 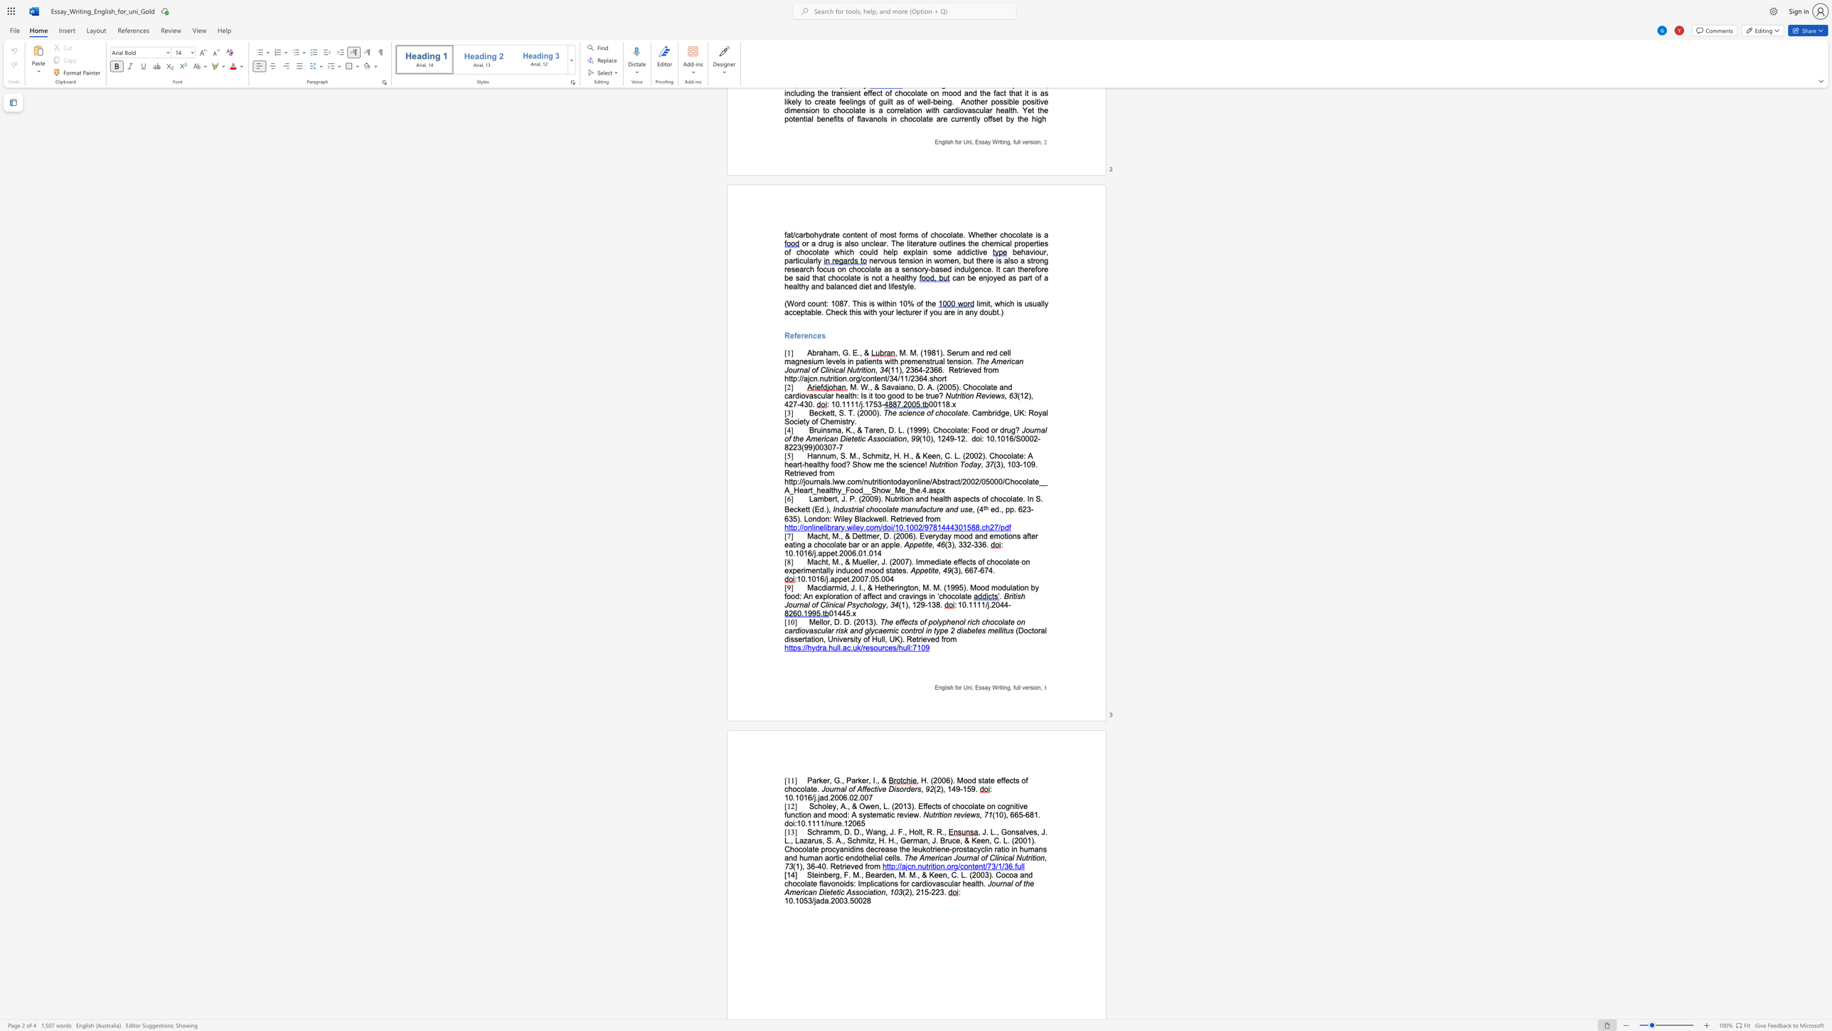 What do you see at coordinates (793, 867) in the screenshot?
I see `the subset text "(1), 36-40. Retri" within the text "(1), 36-40. Retrieved from"` at bounding box center [793, 867].